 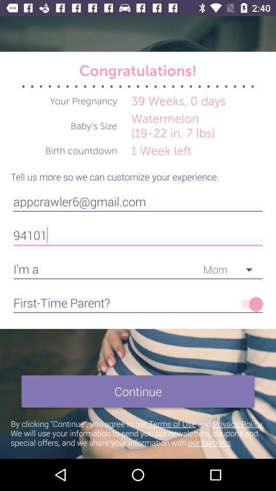 I want to click on the item below the i'm a, so click(x=248, y=304).